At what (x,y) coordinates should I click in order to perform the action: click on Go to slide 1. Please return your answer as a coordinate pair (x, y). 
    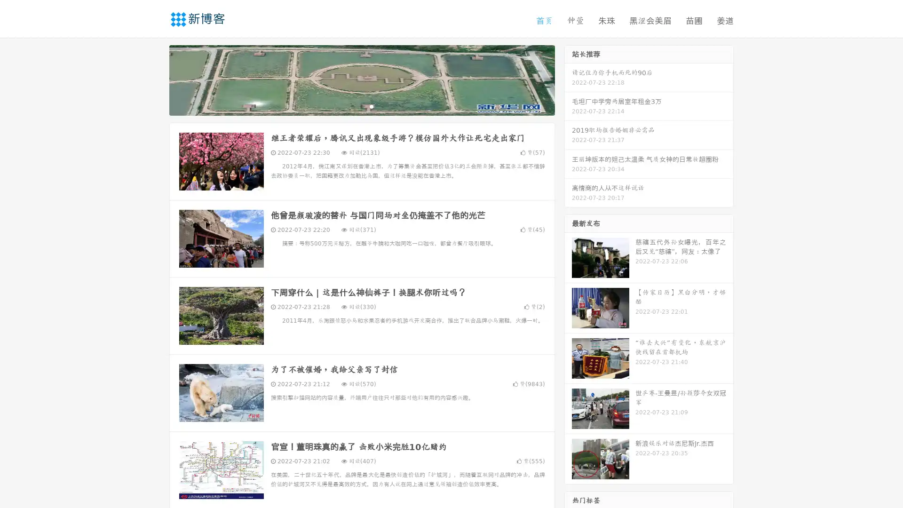
    Looking at the image, I should click on (352, 106).